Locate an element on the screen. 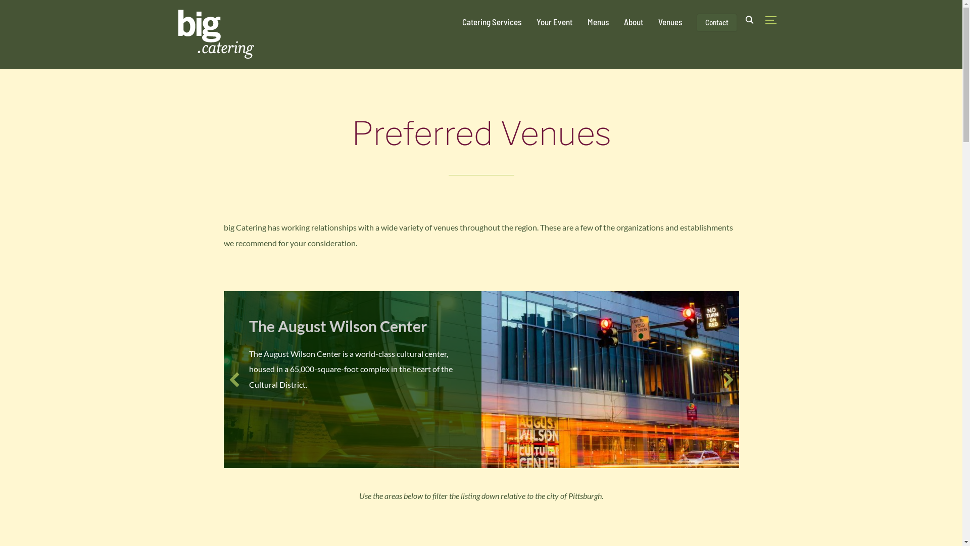 This screenshot has width=970, height=546. 'Menus' is located at coordinates (597, 21).